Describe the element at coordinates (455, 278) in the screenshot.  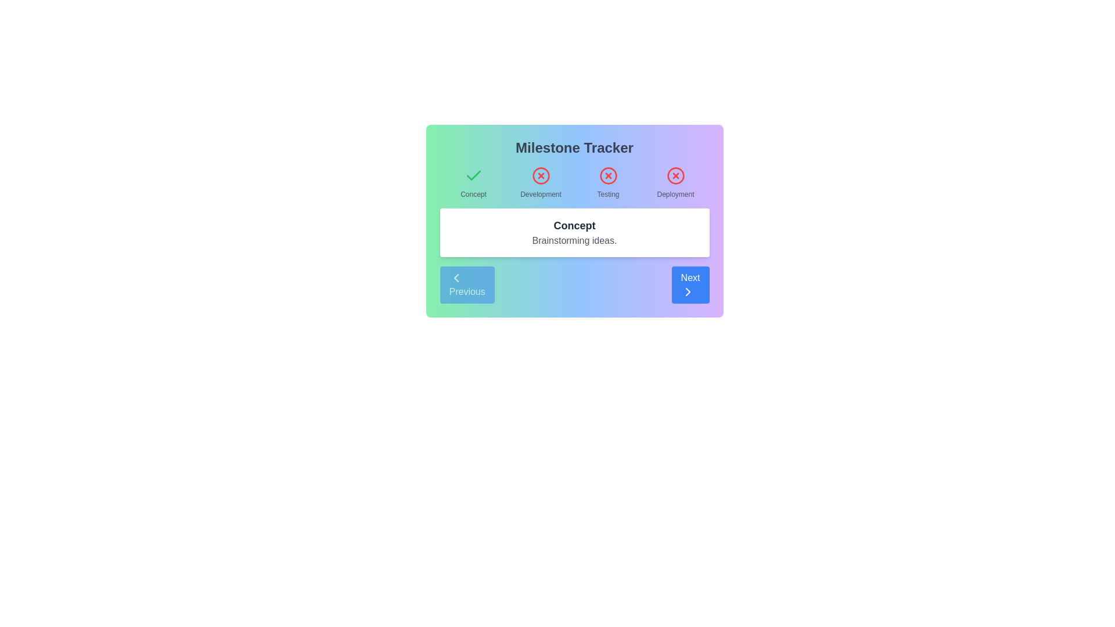
I see `the leftward-facing arrow icon within the 'Previous' navigational button located at the bottom-left corner of the card` at that location.